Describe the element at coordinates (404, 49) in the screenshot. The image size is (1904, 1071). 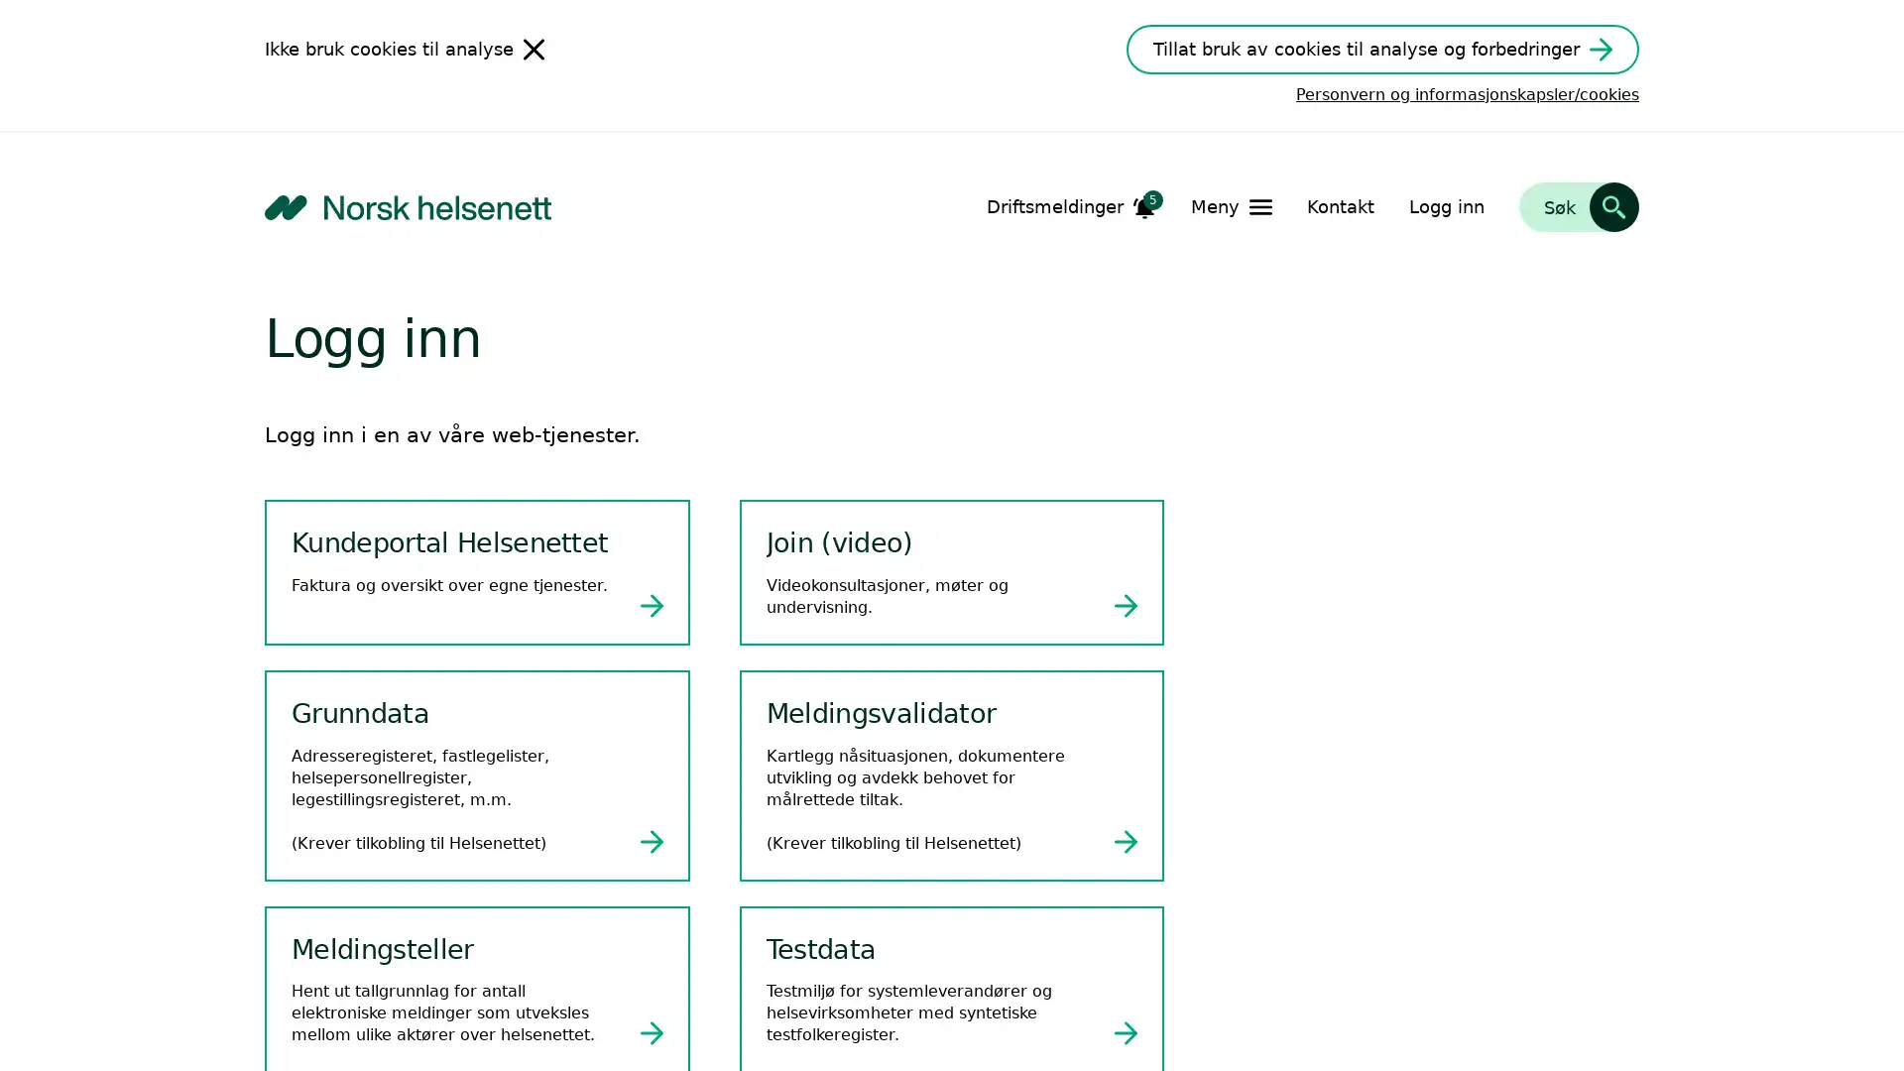
I see `Ikke bruk cookies til analyse` at that location.